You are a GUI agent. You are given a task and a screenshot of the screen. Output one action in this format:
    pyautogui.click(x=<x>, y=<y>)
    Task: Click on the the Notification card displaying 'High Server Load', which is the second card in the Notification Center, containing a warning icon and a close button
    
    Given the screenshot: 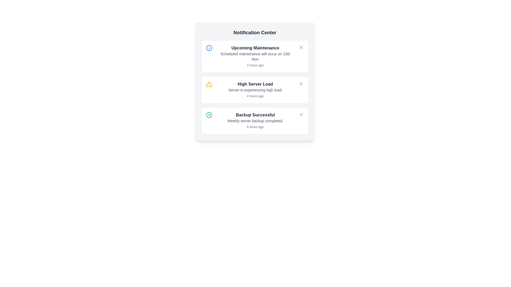 What is the action you would take?
    pyautogui.click(x=254, y=87)
    